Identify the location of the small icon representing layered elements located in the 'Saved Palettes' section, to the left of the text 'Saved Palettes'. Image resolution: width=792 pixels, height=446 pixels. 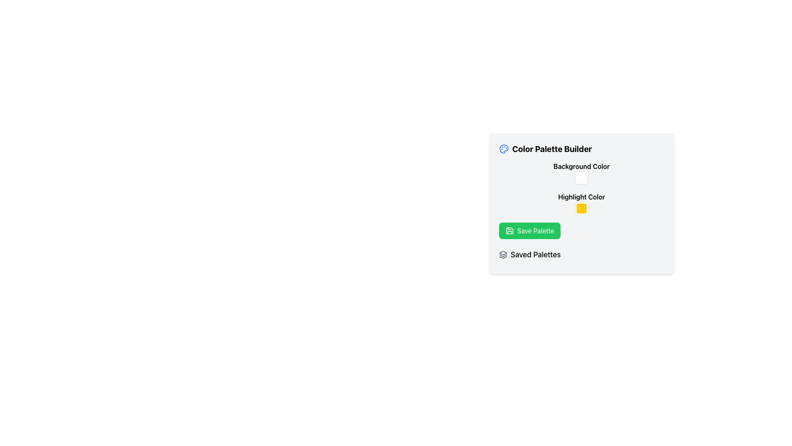
(502, 254).